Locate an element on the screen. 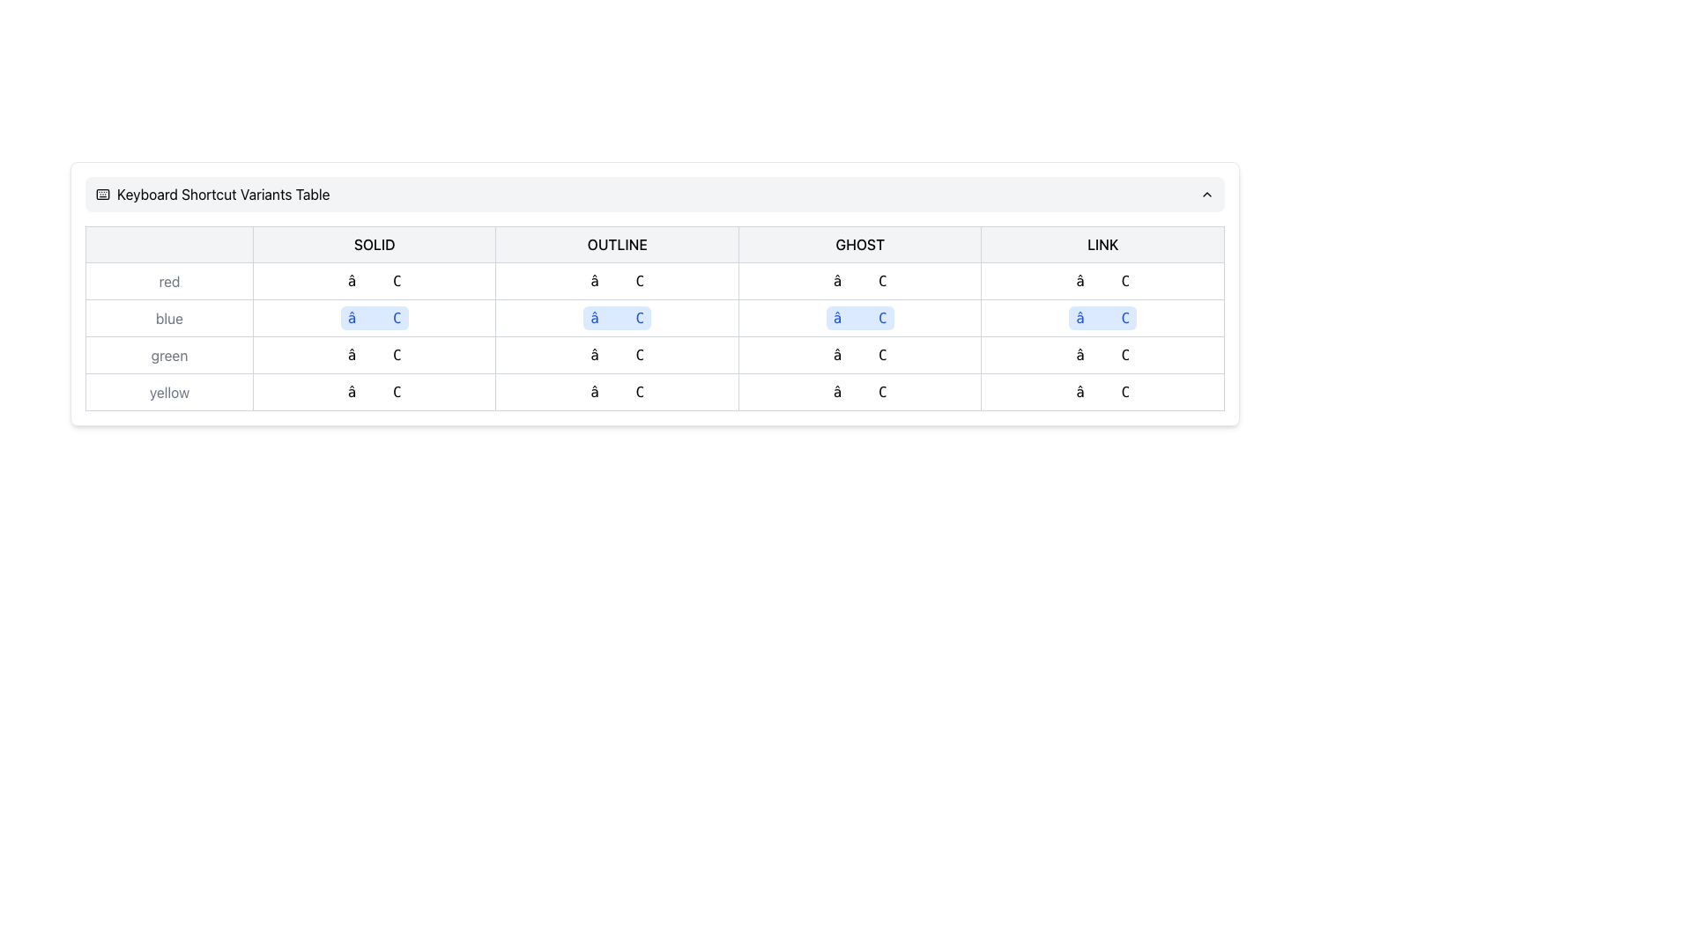  the label representing the keyboard shortcut '⌘ C' located in the second column of the second row of the table, which is between the 'red' and 'green' rows is located at coordinates (617, 318).